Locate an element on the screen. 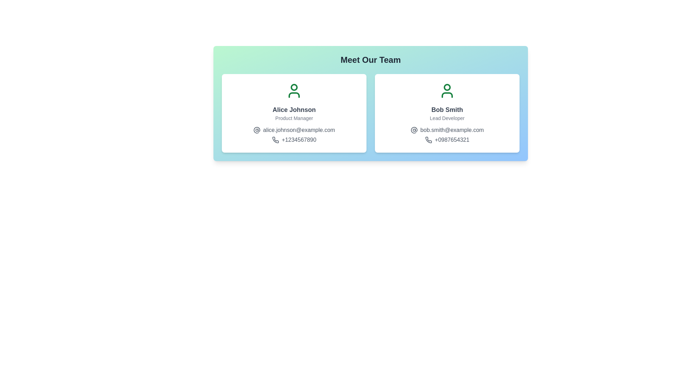 This screenshot has width=674, height=379. the SVG icon resembling an 'at' sign located to the left of the email text 'alice.johnson@example.com' in Alice Johnson's profile card is located at coordinates (256, 130).